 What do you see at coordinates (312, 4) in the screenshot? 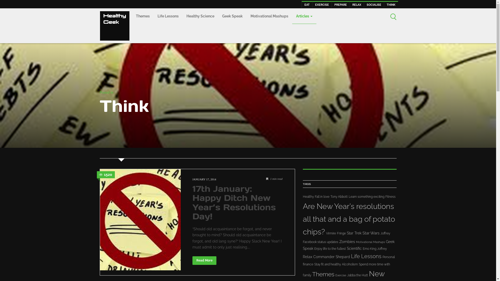
I see `'EXERCISE'` at bounding box center [312, 4].